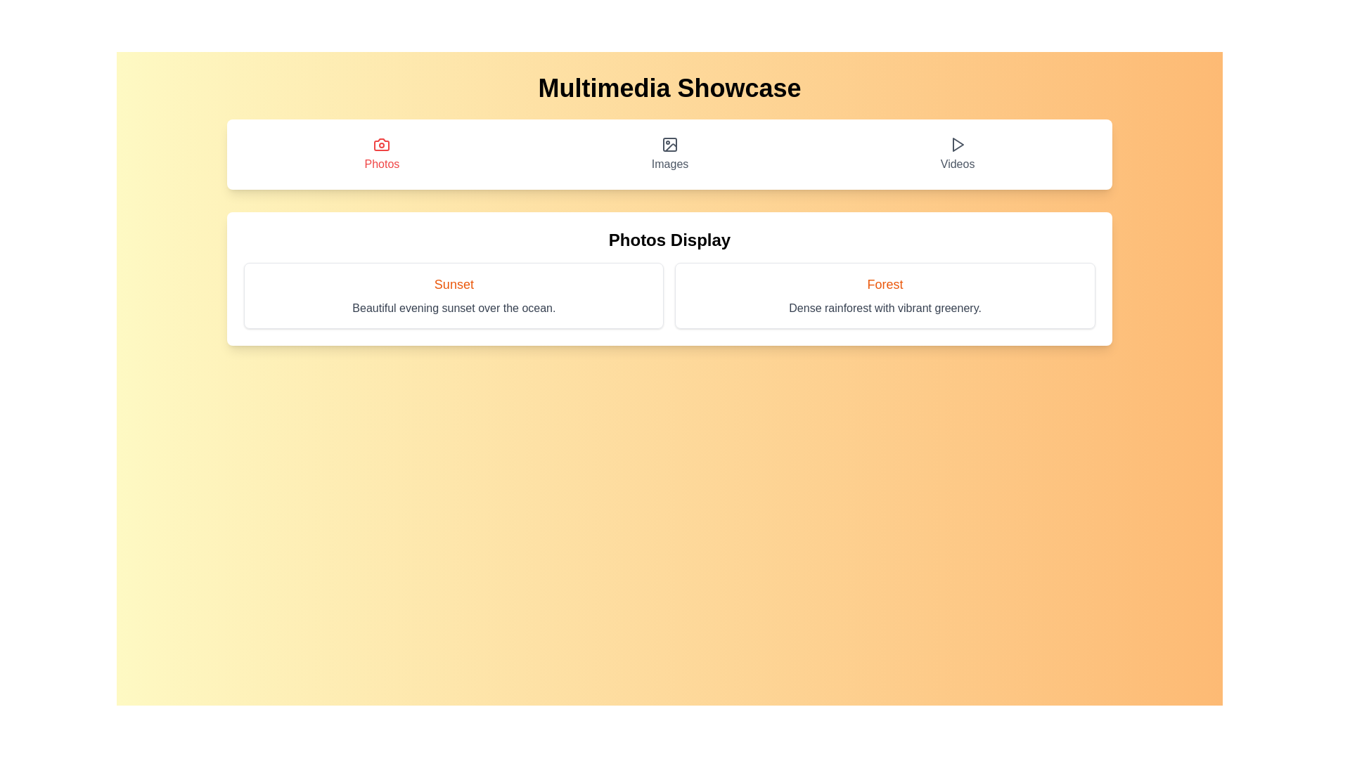  I want to click on the text element that reads 'Beautiful evening sunset over the ocean.' which is located beneath the title 'Sunset' in the rectangular card, so click(454, 308).